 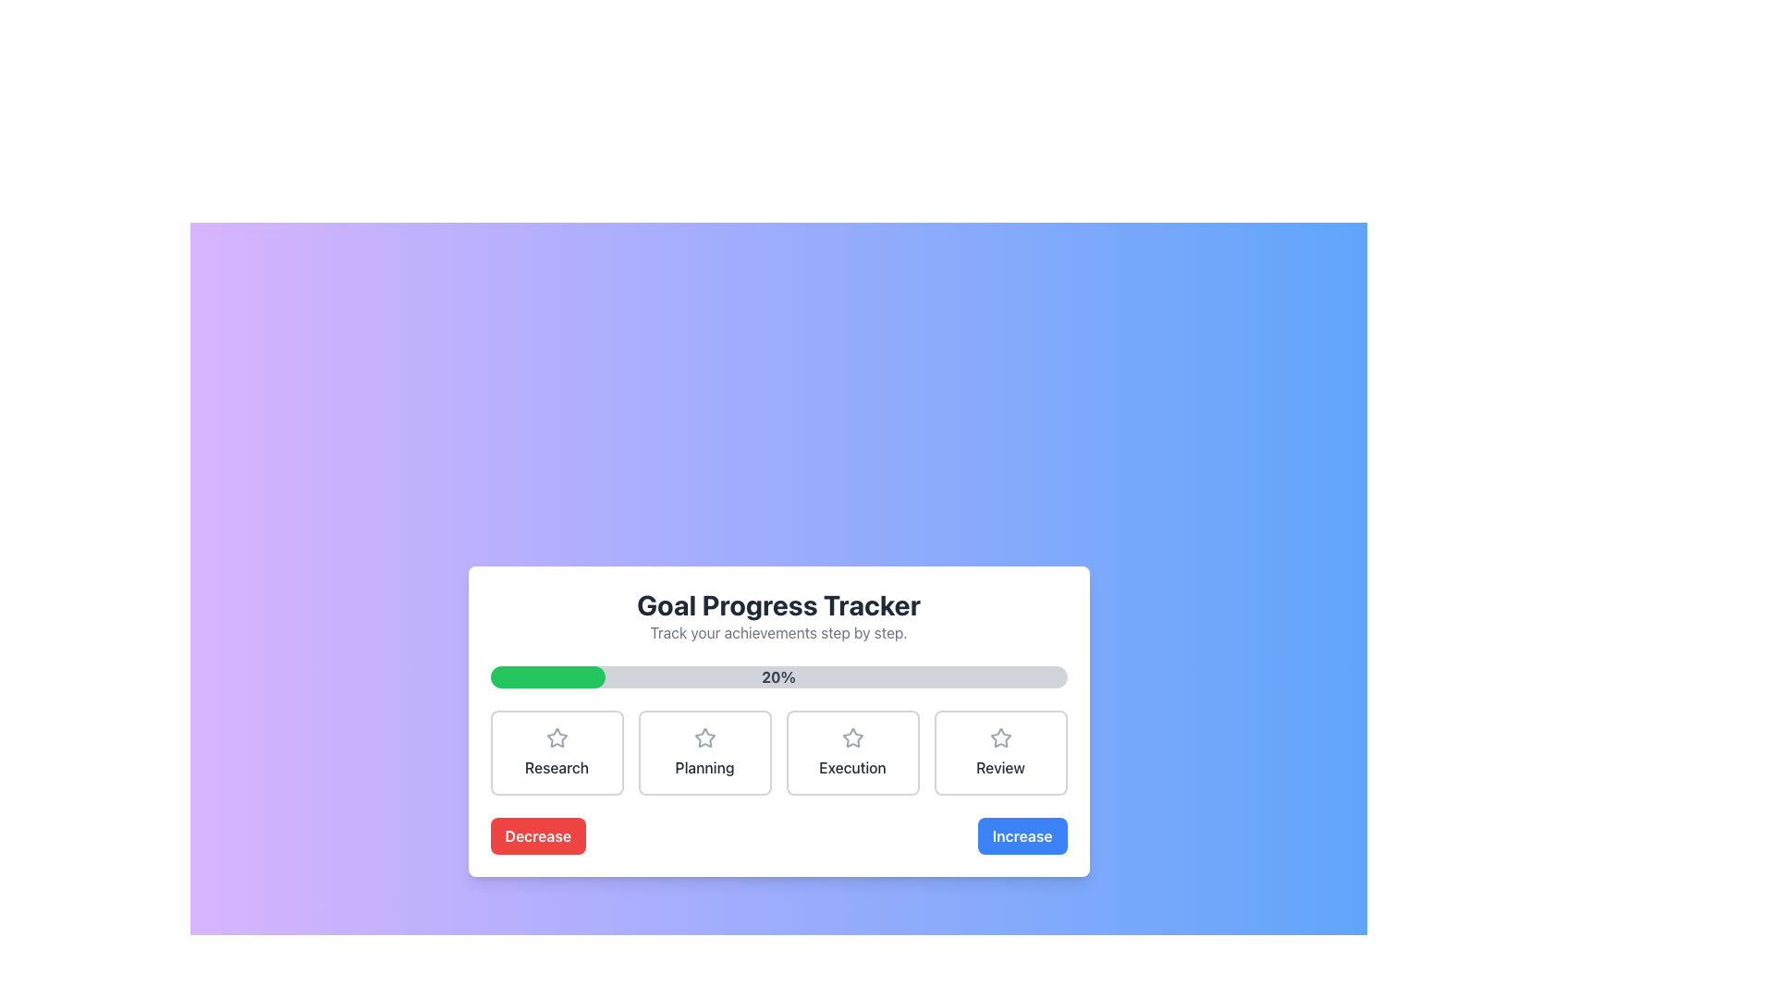 What do you see at coordinates (851, 736) in the screenshot?
I see `the gray star icon located in the 'Execution' section` at bounding box center [851, 736].